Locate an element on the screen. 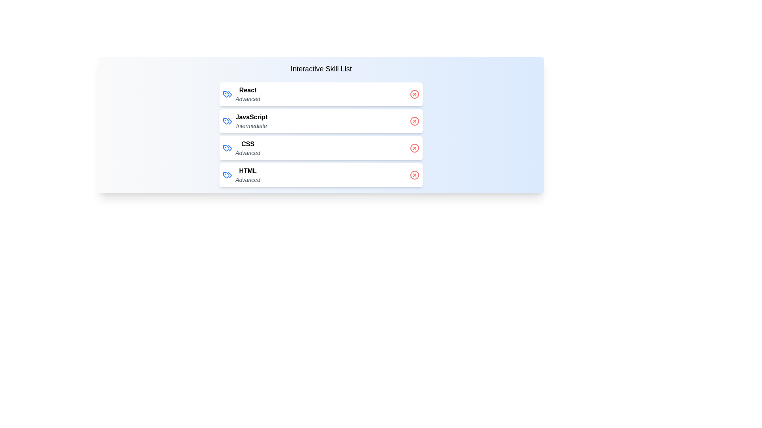  the delete button for the skill React is located at coordinates (414, 94).